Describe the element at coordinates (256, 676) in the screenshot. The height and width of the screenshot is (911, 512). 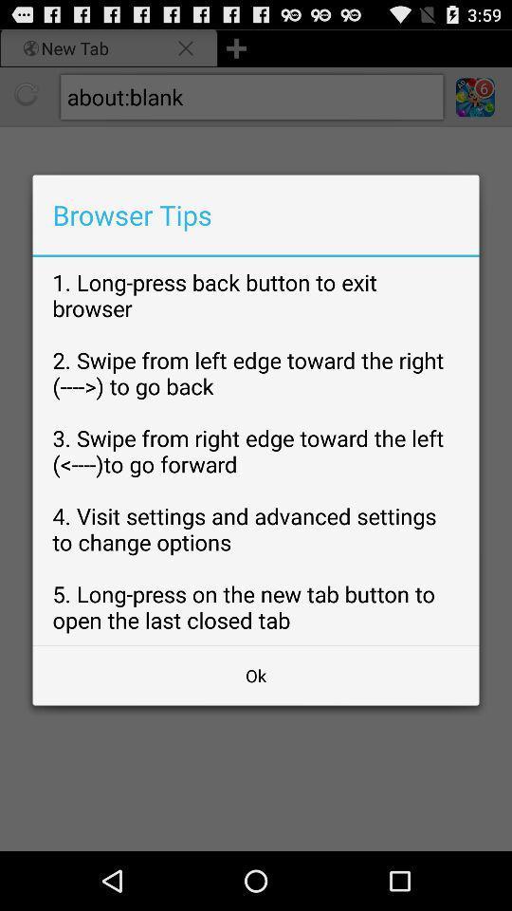
I see `the button at the bottom` at that location.